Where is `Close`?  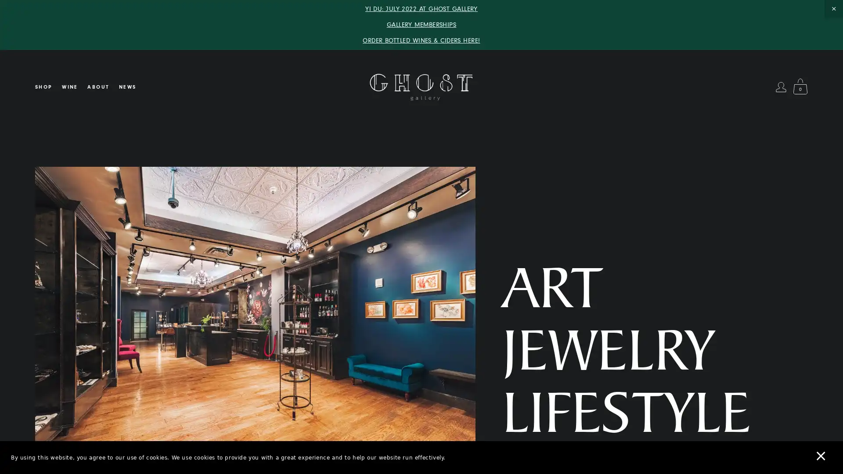
Close is located at coordinates (799, 209).